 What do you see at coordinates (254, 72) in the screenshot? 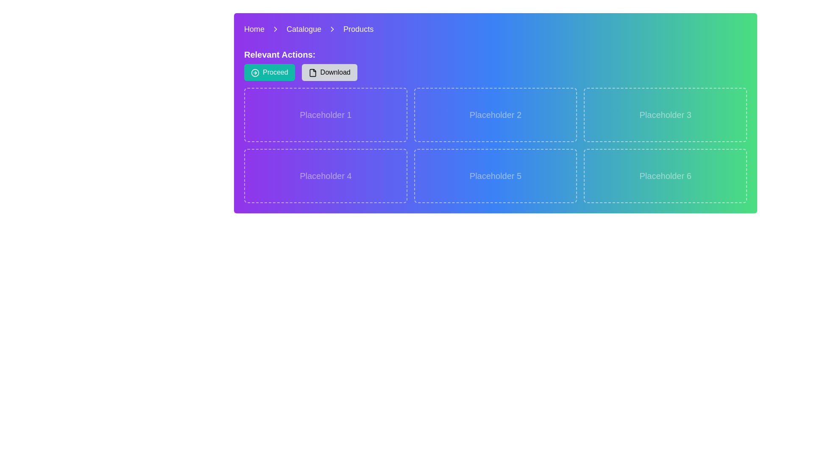
I see `the decorative SVG icon associated with the 'Proceed' button, located at the top left of the interface, near its left edge` at bounding box center [254, 72].